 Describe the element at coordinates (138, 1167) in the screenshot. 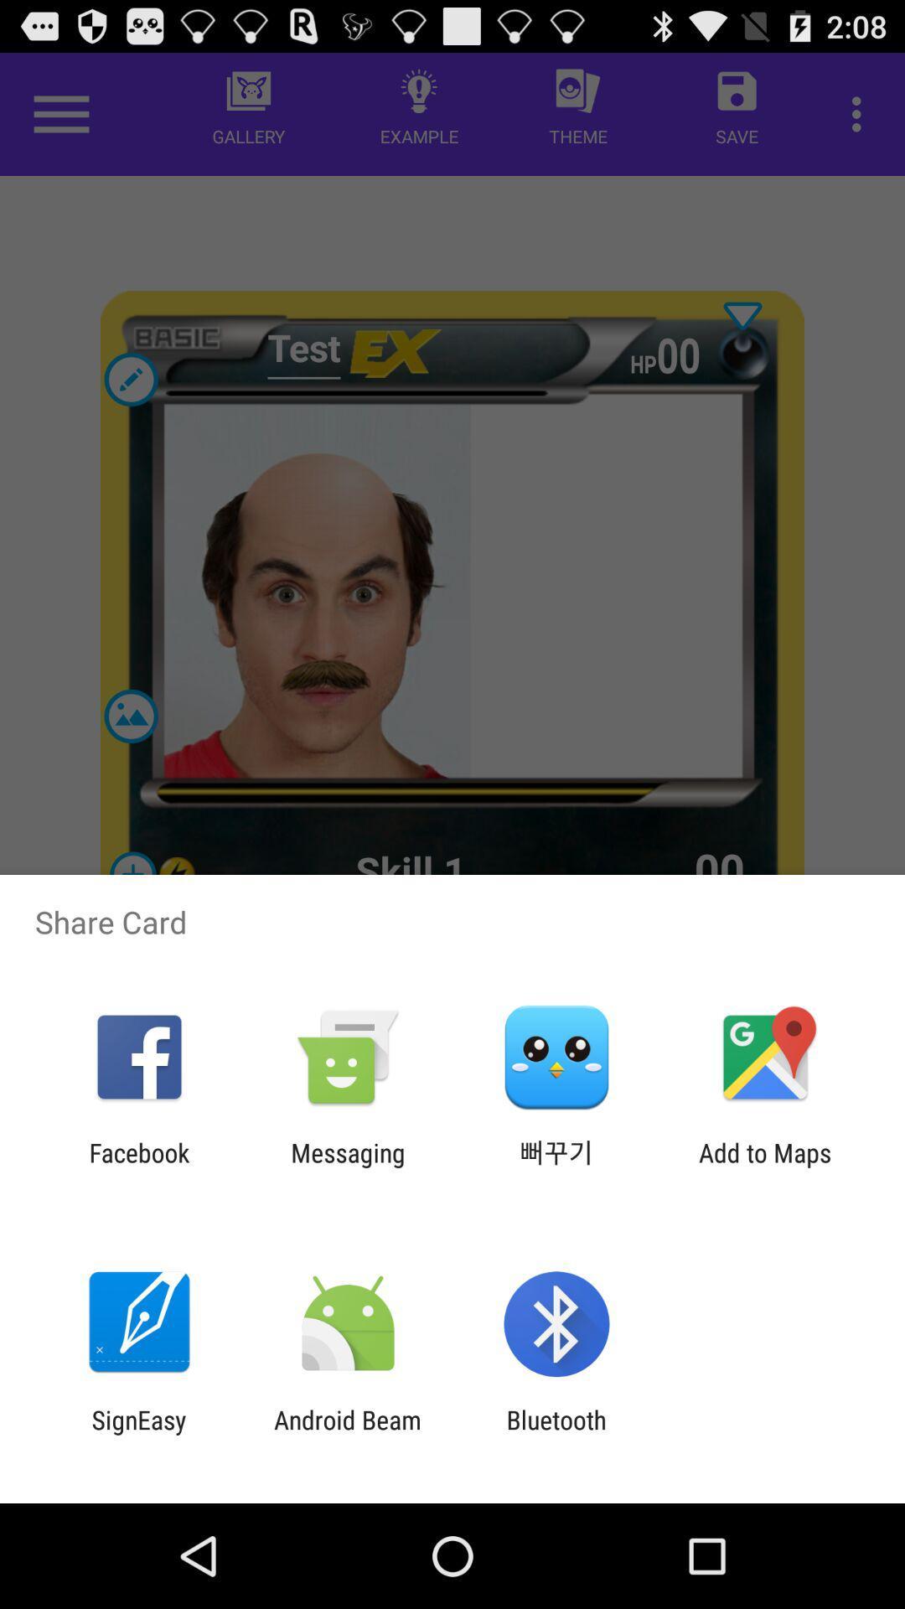

I see `facebook` at that location.